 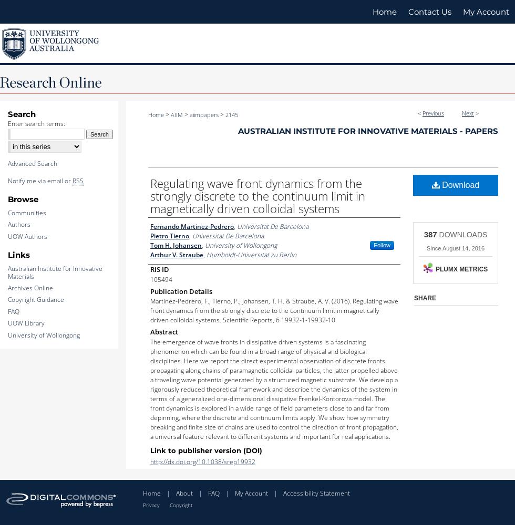 I want to click on 'Browse', so click(x=7, y=198).